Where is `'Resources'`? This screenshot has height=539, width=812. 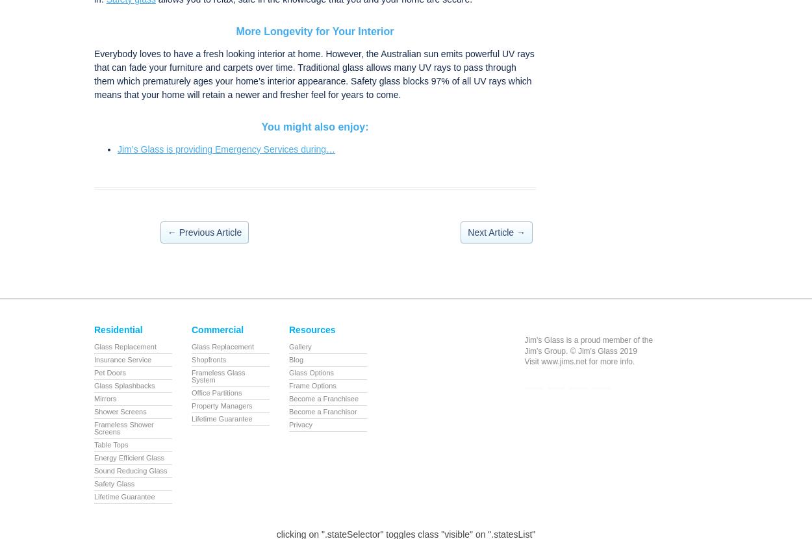 'Resources' is located at coordinates (311, 329).